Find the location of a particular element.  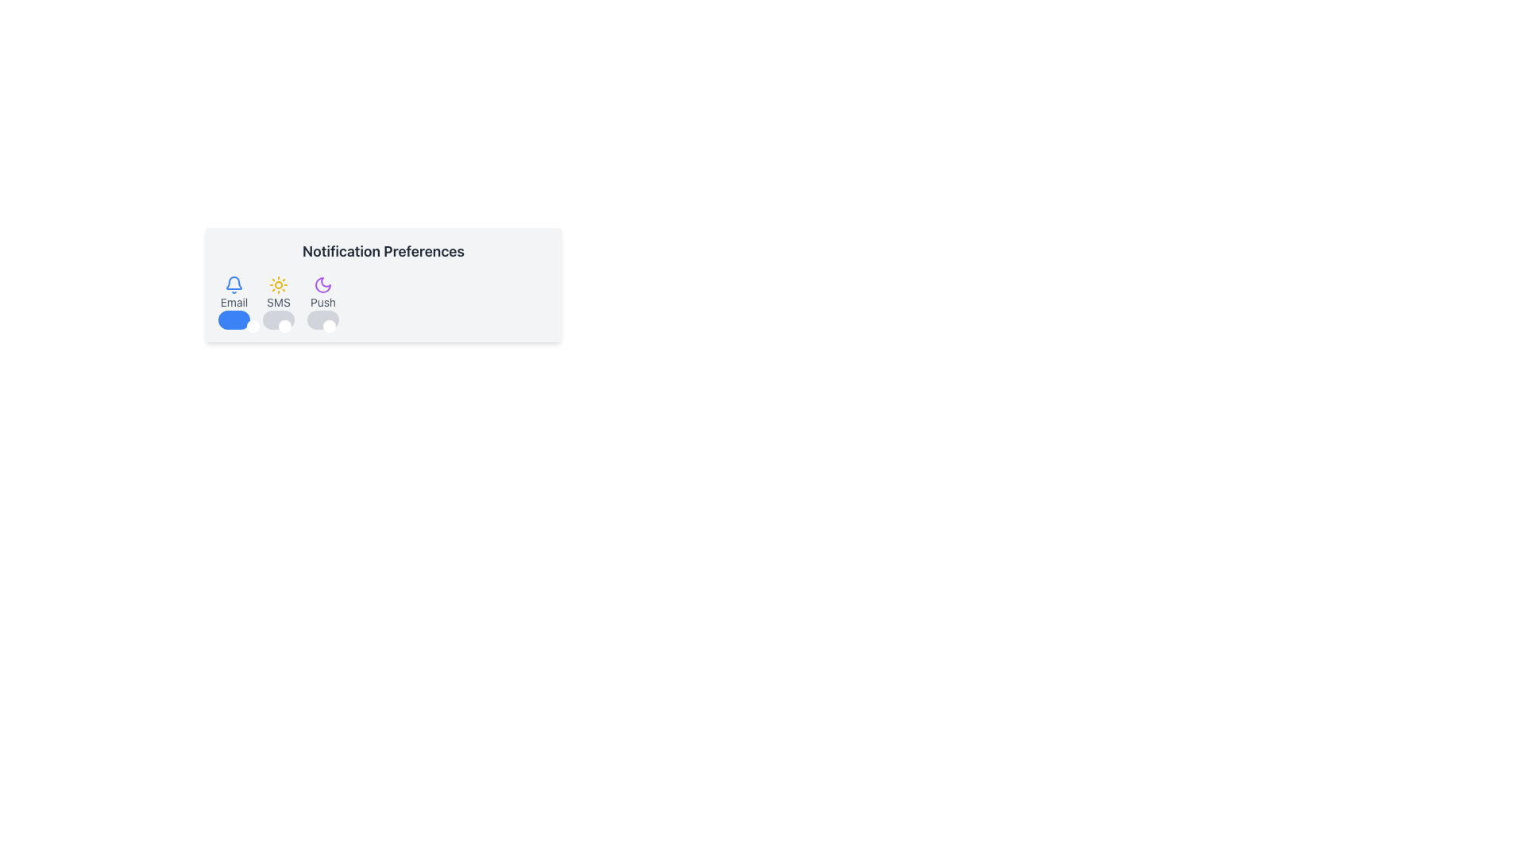

the moon-like icon with a purple color located in the 'Notification Preferences' section is located at coordinates (322, 284).